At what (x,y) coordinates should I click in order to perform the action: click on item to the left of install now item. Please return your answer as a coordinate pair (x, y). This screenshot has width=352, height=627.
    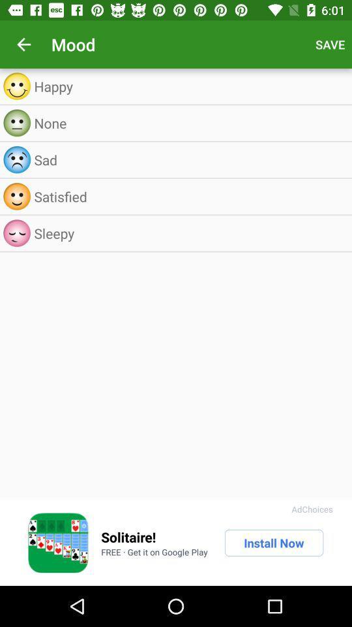
    Looking at the image, I should click on (128, 537).